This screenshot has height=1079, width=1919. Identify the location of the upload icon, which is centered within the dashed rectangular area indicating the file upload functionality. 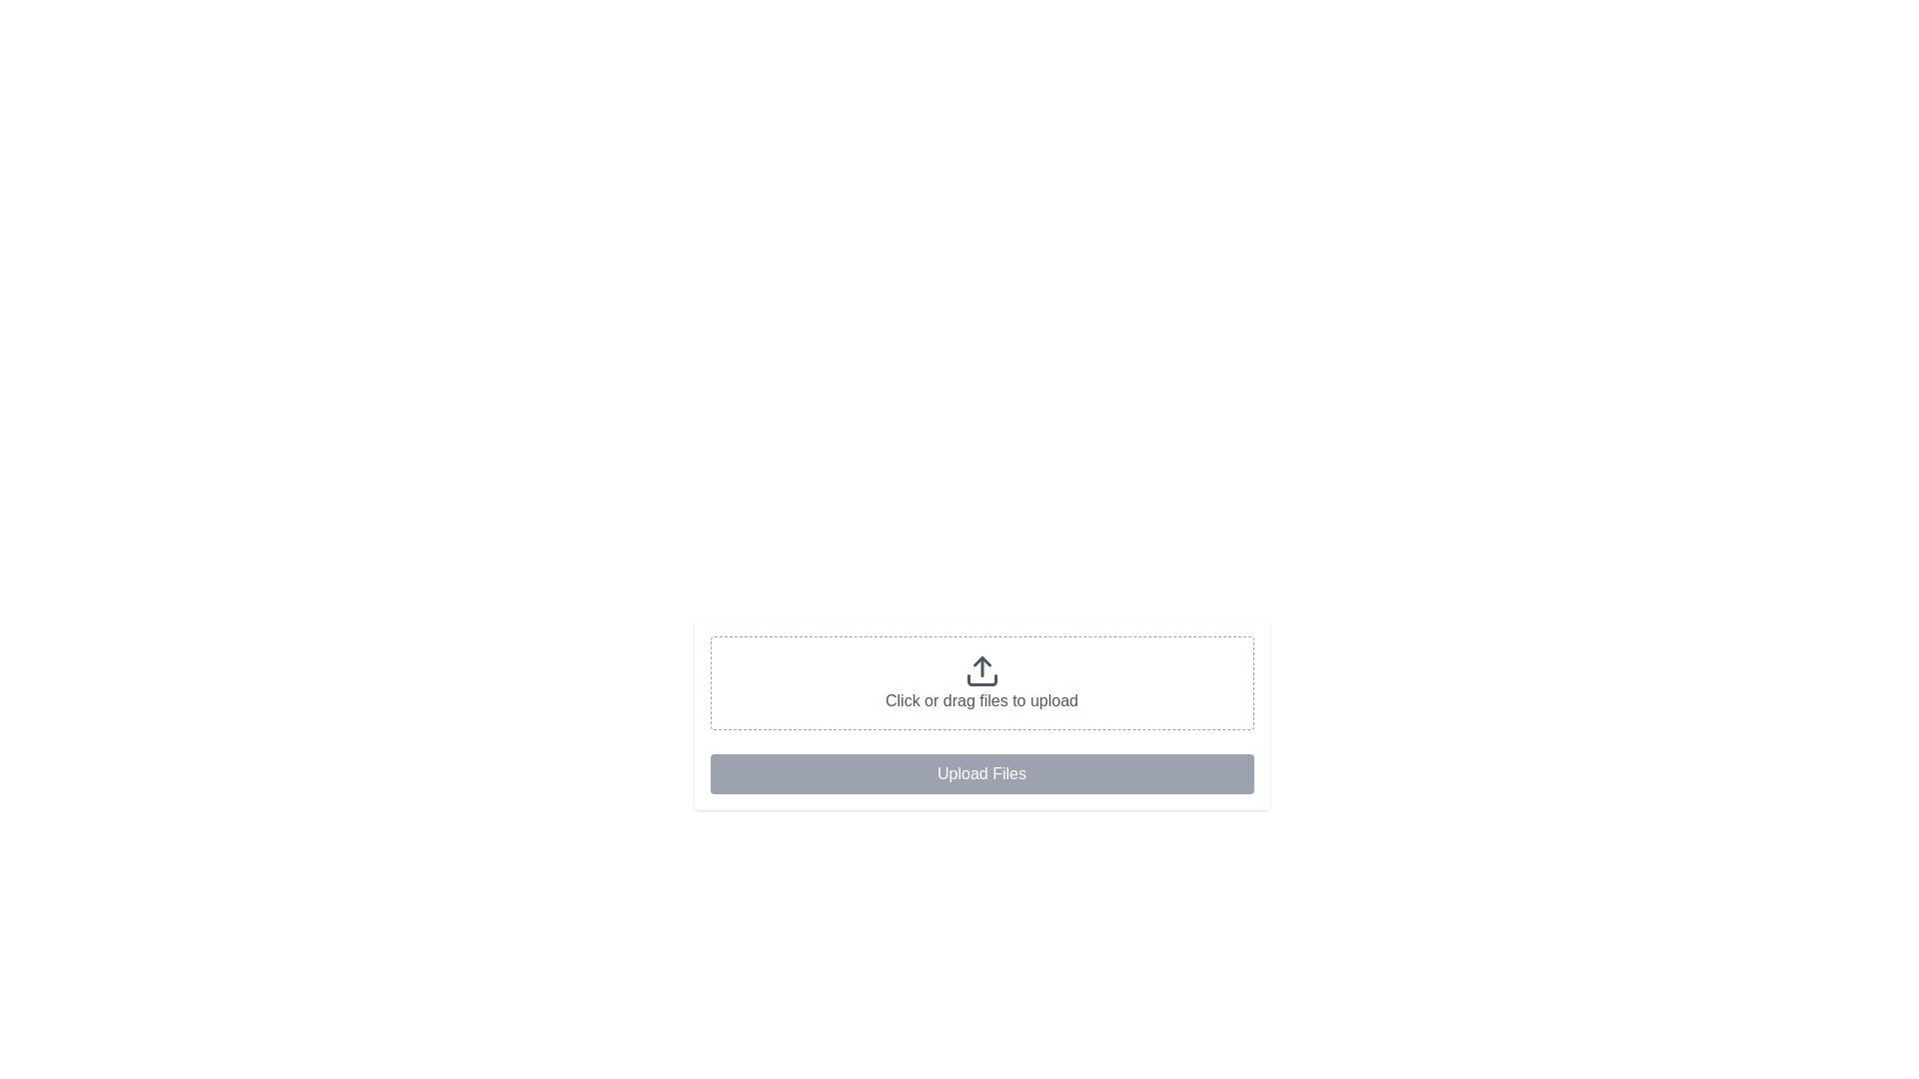
(981, 670).